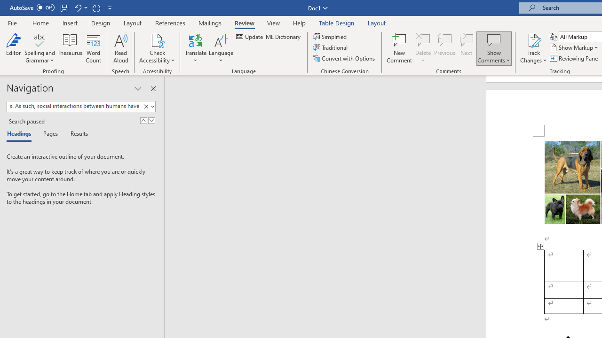 This screenshot has height=338, width=602. Describe the element at coordinates (157, 48) in the screenshot. I see `'Check Accessibility'` at that location.